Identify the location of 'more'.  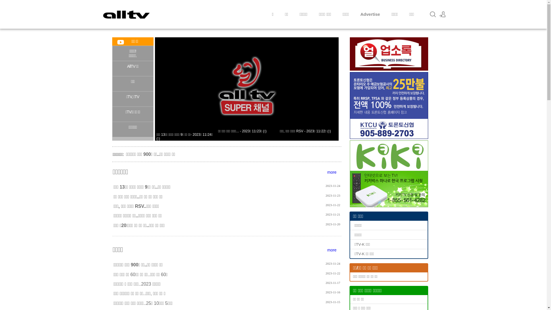
(332, 172).